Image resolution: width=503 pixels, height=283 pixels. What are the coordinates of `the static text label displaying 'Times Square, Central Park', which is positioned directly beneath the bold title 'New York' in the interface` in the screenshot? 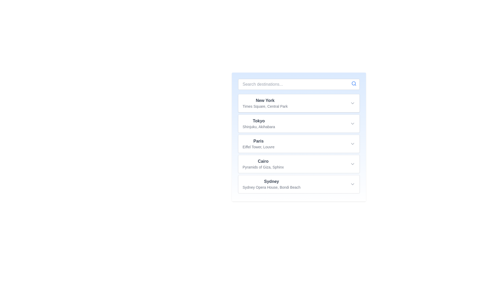 It's located at (265, 106).